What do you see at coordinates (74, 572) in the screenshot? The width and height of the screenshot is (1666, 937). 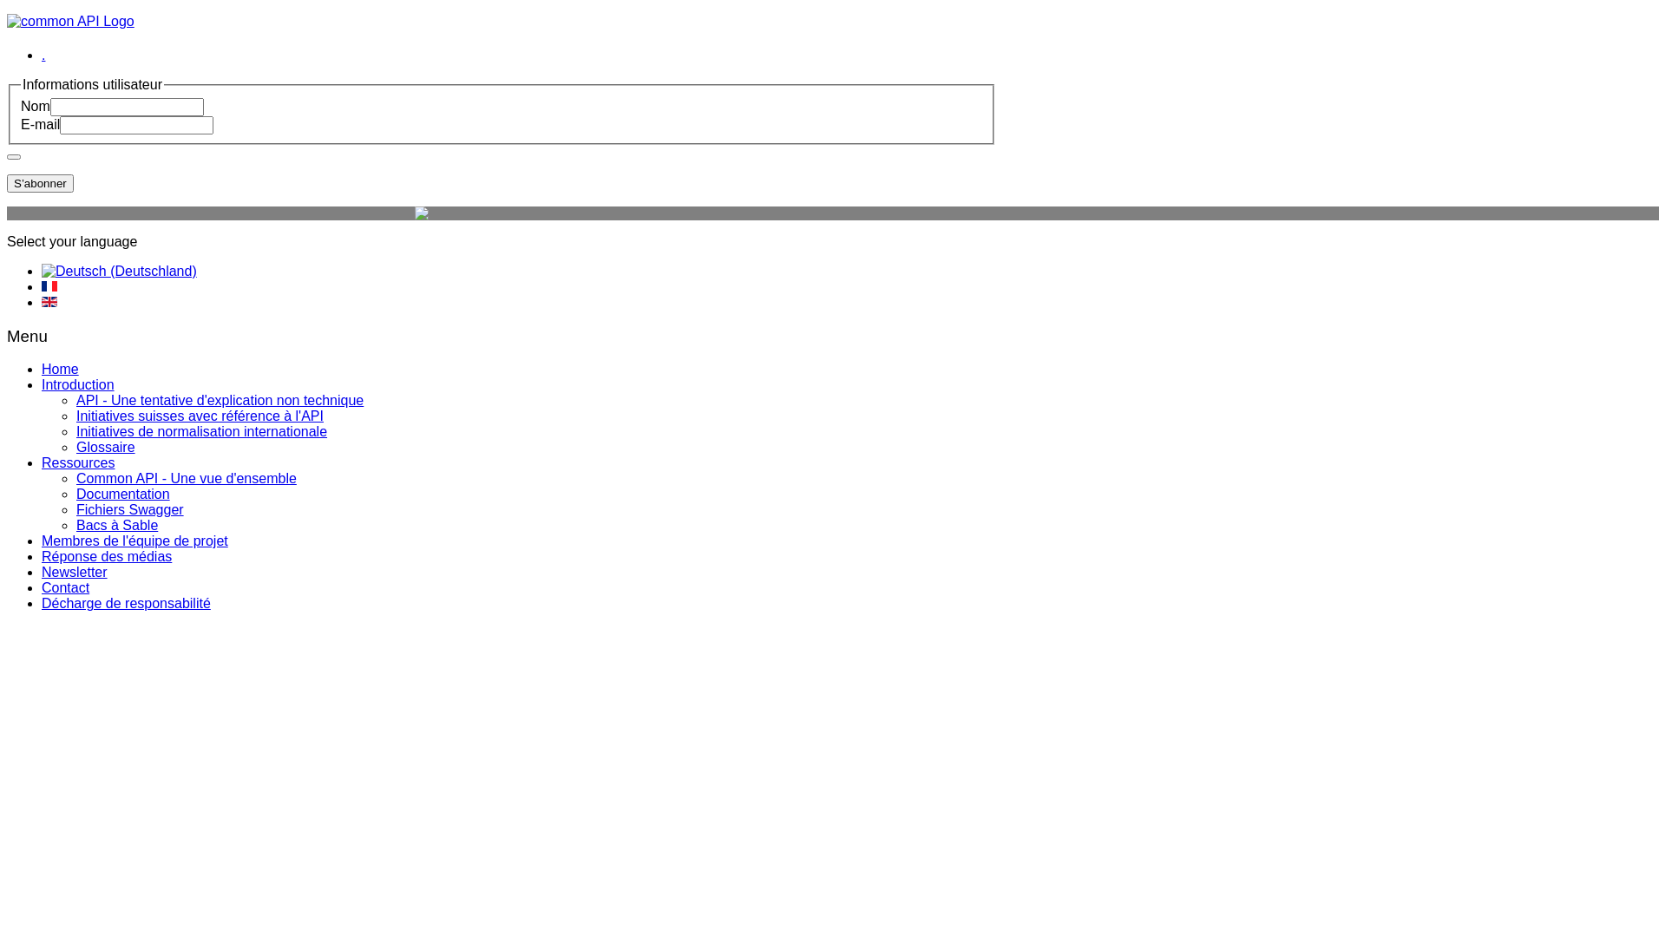 I see `'Newsletter'` at bounding box center [74, 572].